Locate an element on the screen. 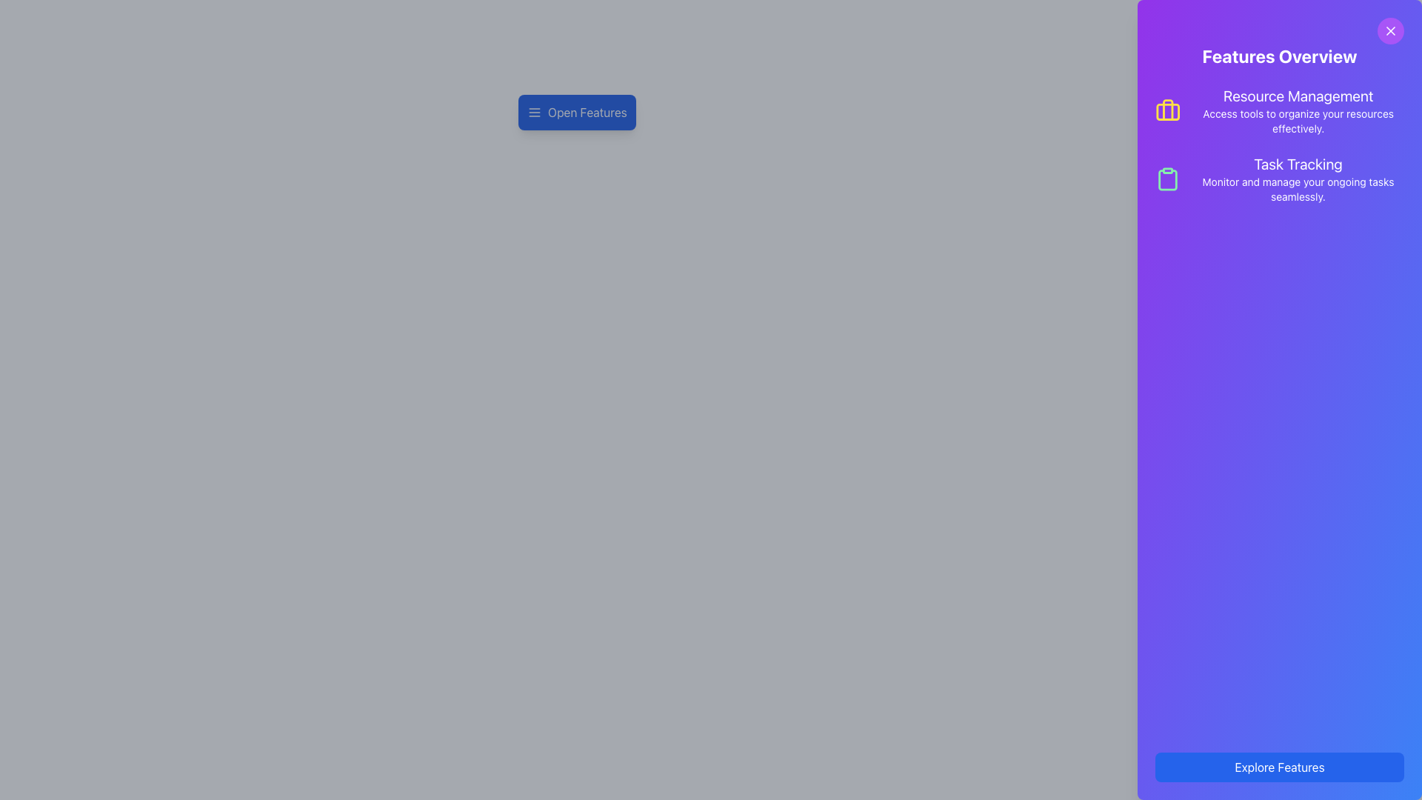 This screenshot has width=1422, height=800. the vertical line handle of the suitcase icon, which is located near the top of the purple panel adjacent to the 'Resource Management' text is located at coordinates (1167, 109).